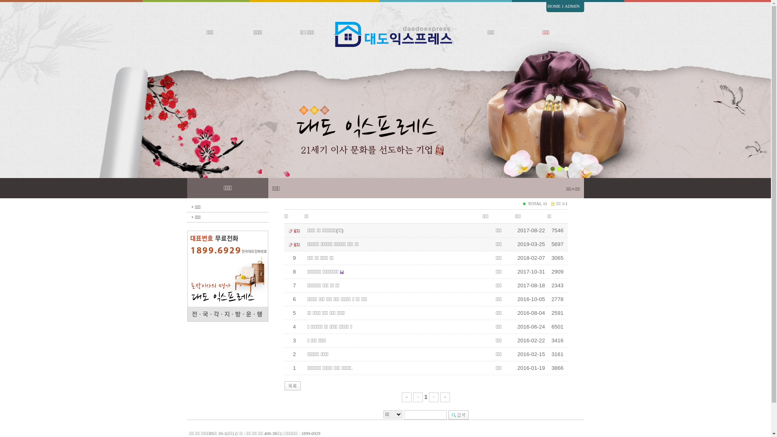  Describe the element at coordinates (553, 6) in the screenshot. I see `'HOME'` at that location.